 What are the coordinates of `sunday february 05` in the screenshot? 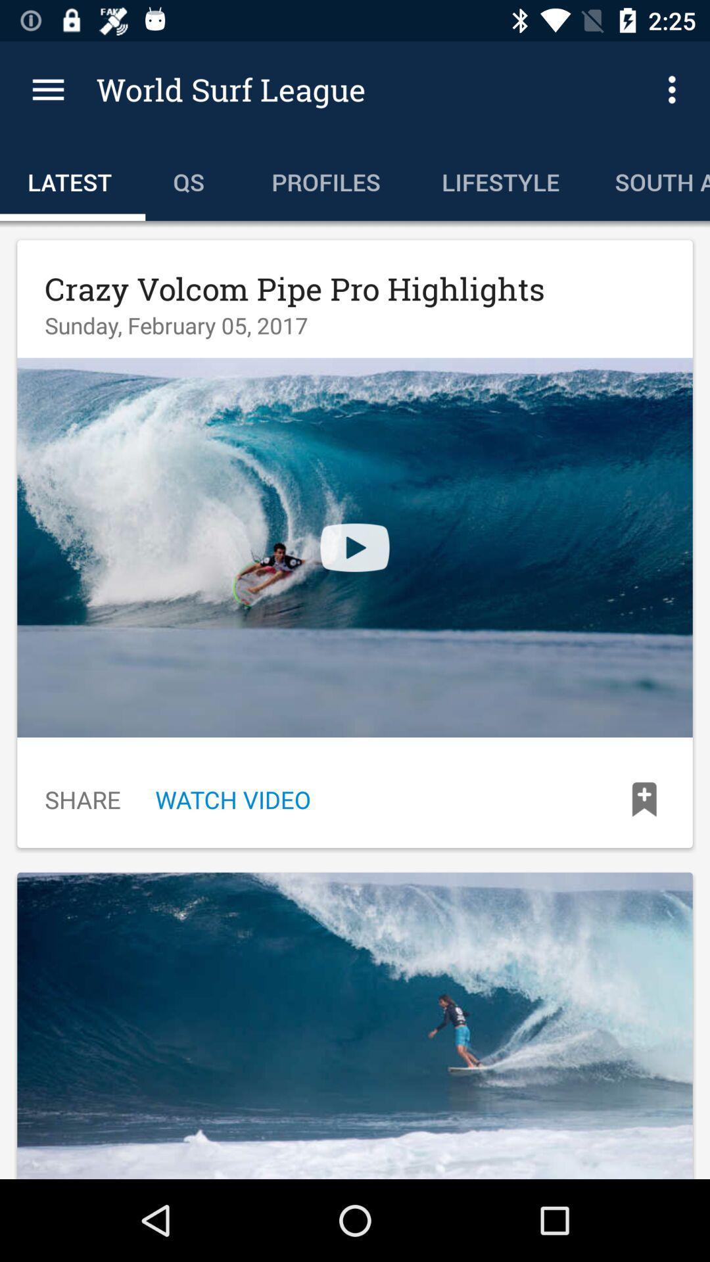 It's located at (176, 325).